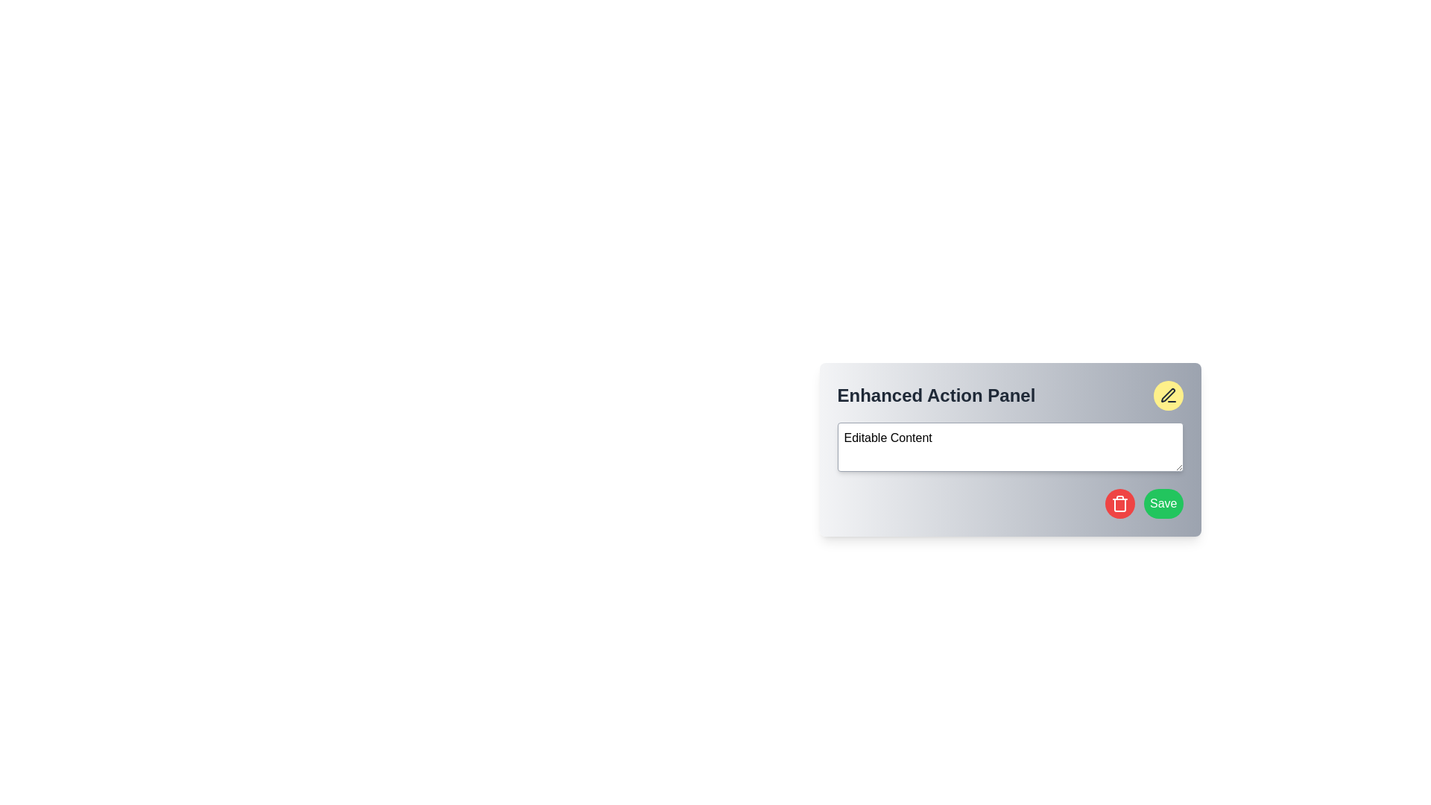  What do you see at coordinates (1163, 503) in the screenshot?
I see `the 'Save' button located at the far-right end of the action button row in the bottom-right corner of the modal interface` at bounding box center [1163, 503].